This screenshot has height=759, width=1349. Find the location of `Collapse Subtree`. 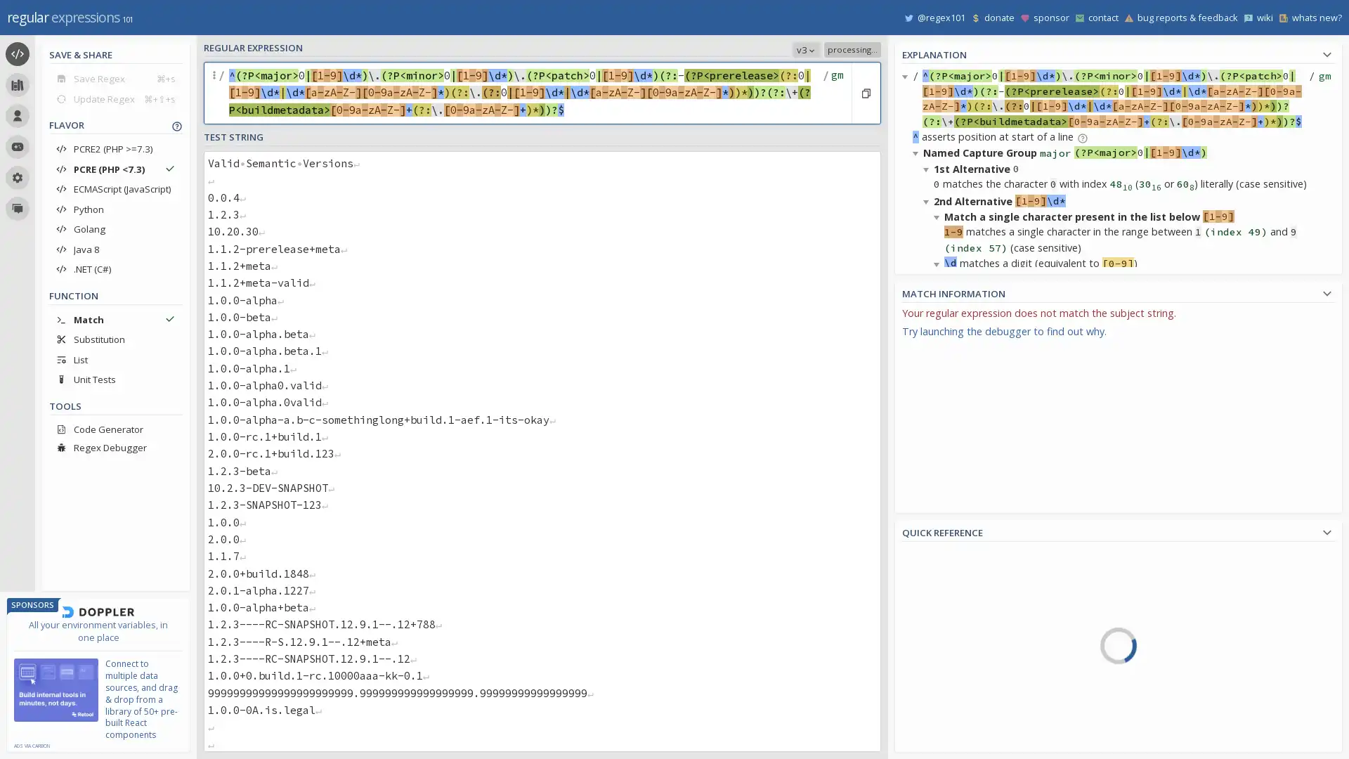

Collapse Subtree is located at coordinates (918, 503).